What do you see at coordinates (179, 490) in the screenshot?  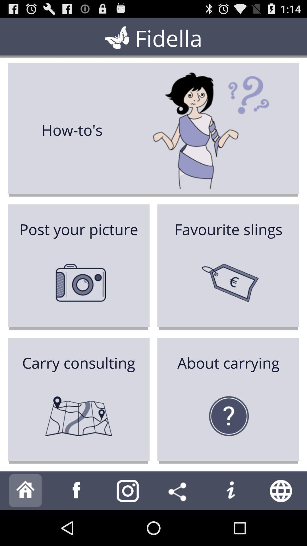 I see `share` at bounding box center [179, 490].